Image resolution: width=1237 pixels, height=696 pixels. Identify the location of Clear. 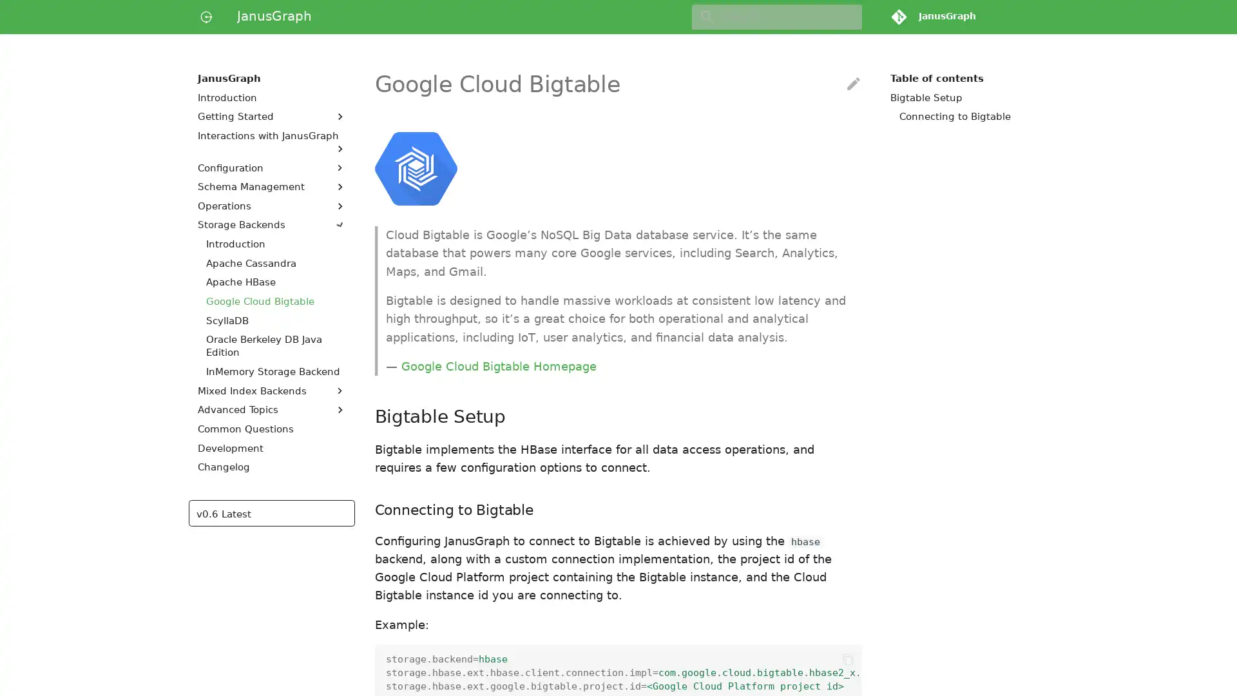
(847, 17).